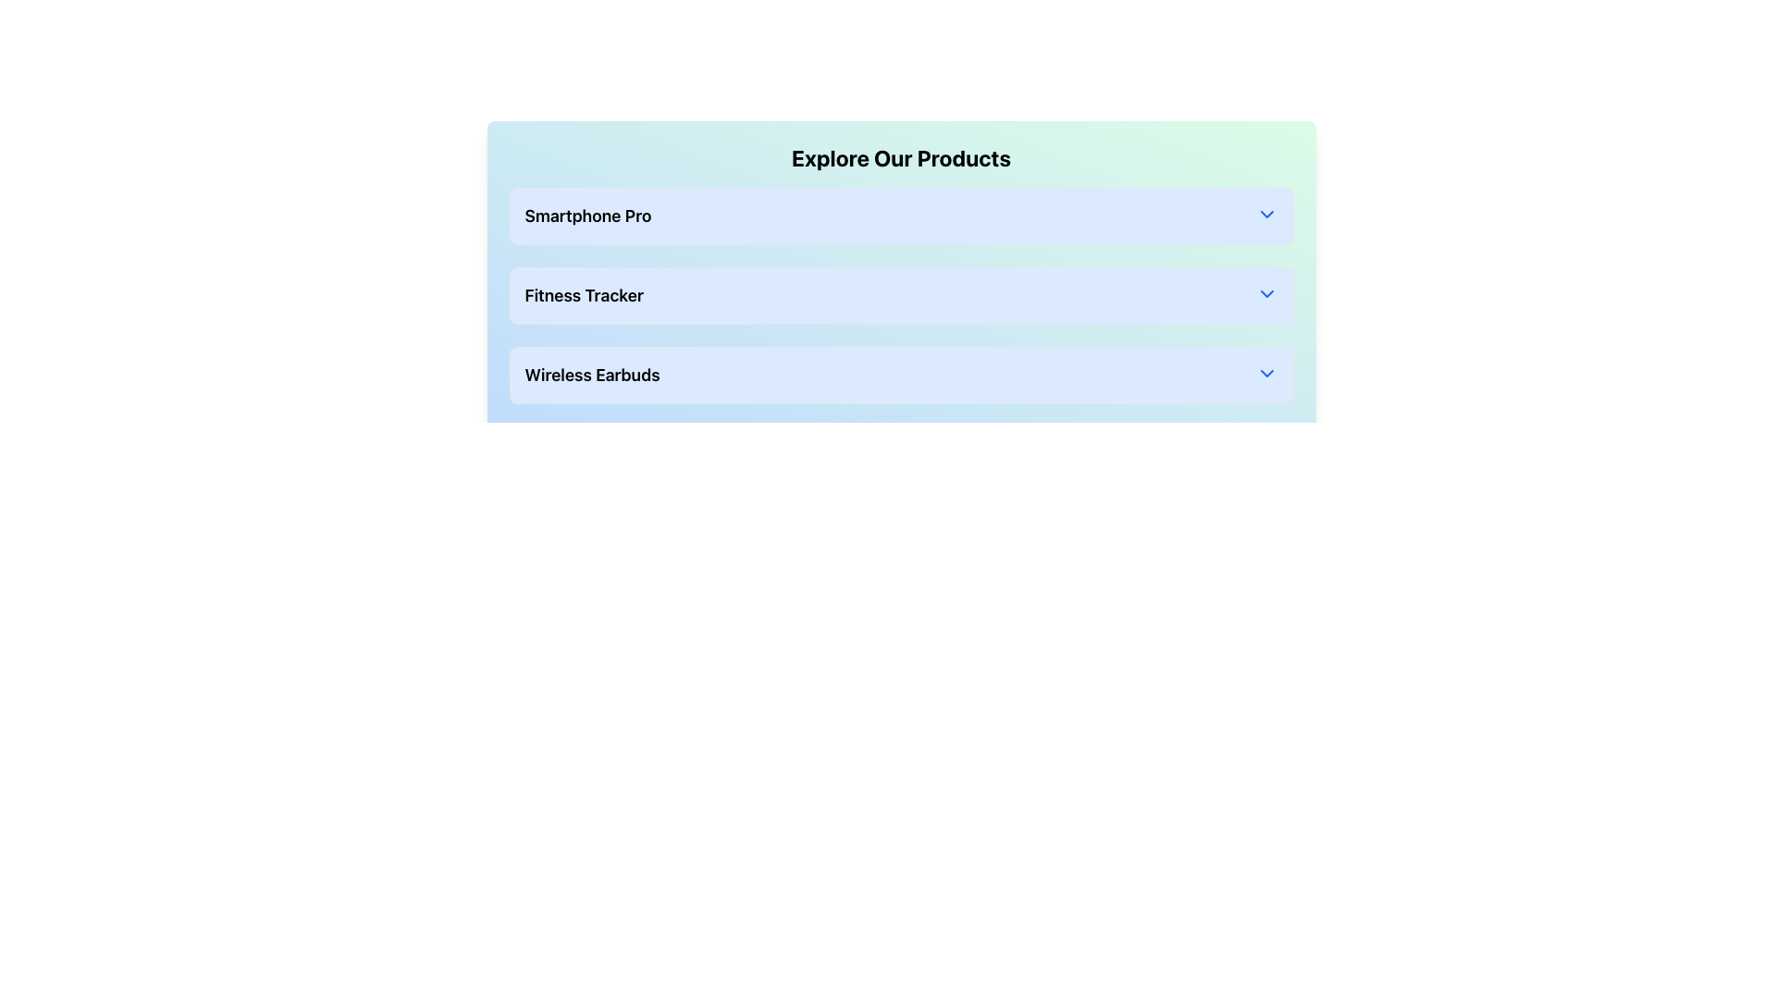  What do you see at coordinates (1265, 213) in the screenshot?
I see `the icon located at the right edge of the 'Smartphone Pro' list item` at bounding box center [1265, 213].